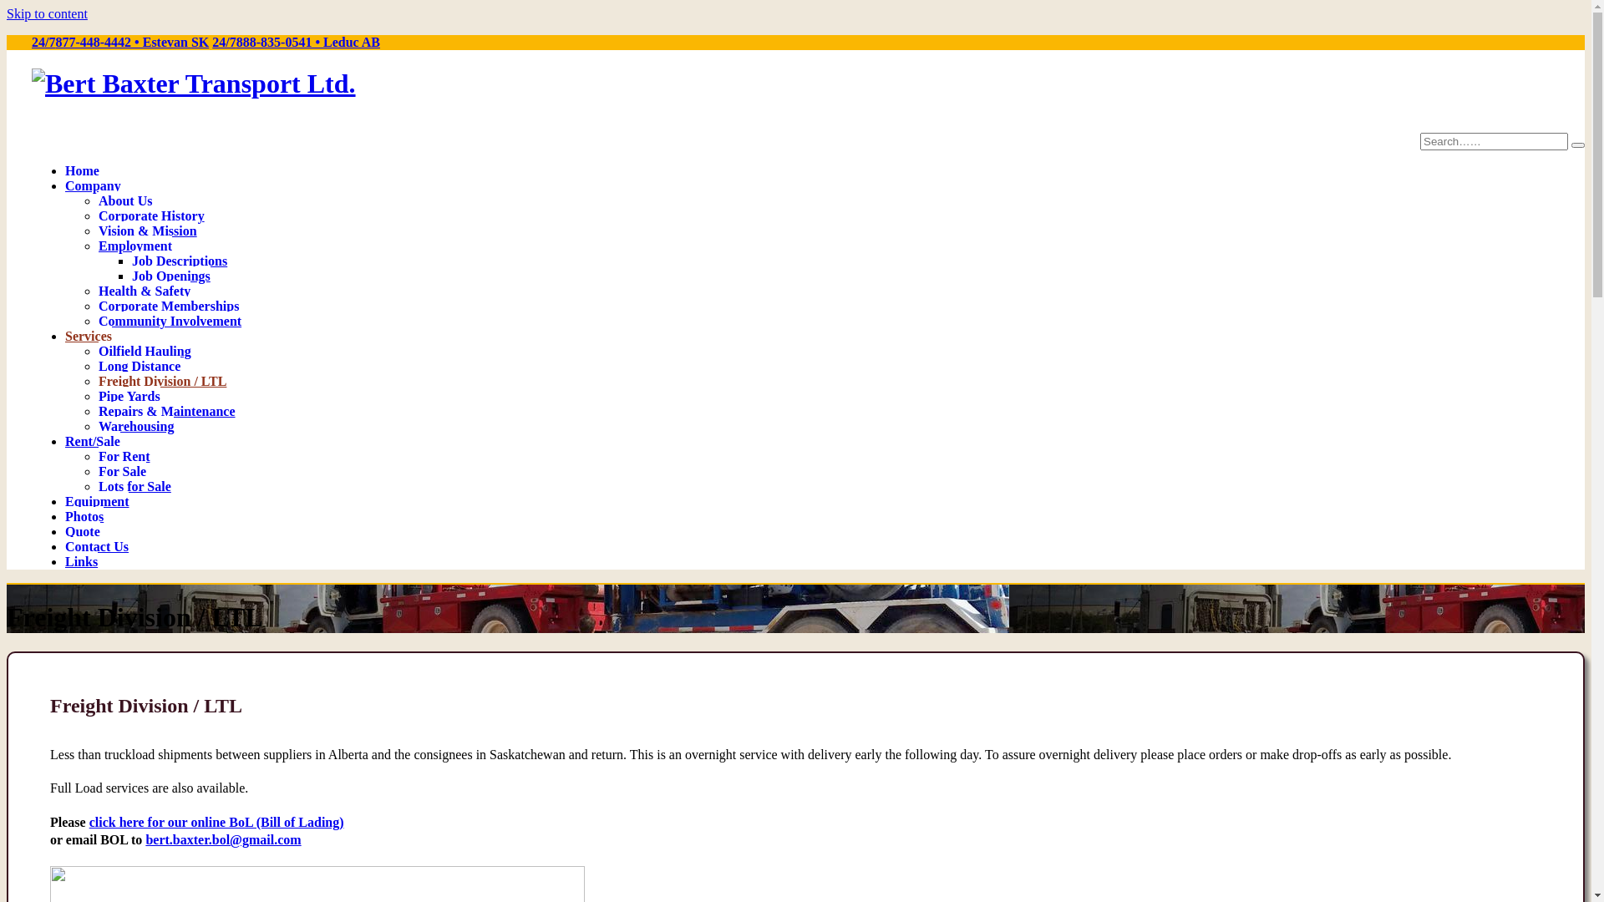  I want to click on 'Corporate Memberships', so click(168, 305).